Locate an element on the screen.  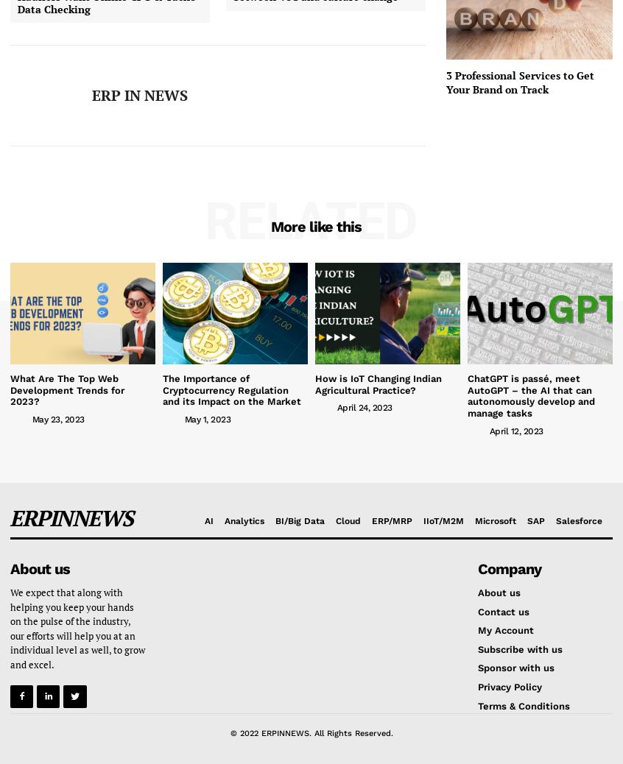
'ERPINNEWS' is located at coordinates (71, 517).